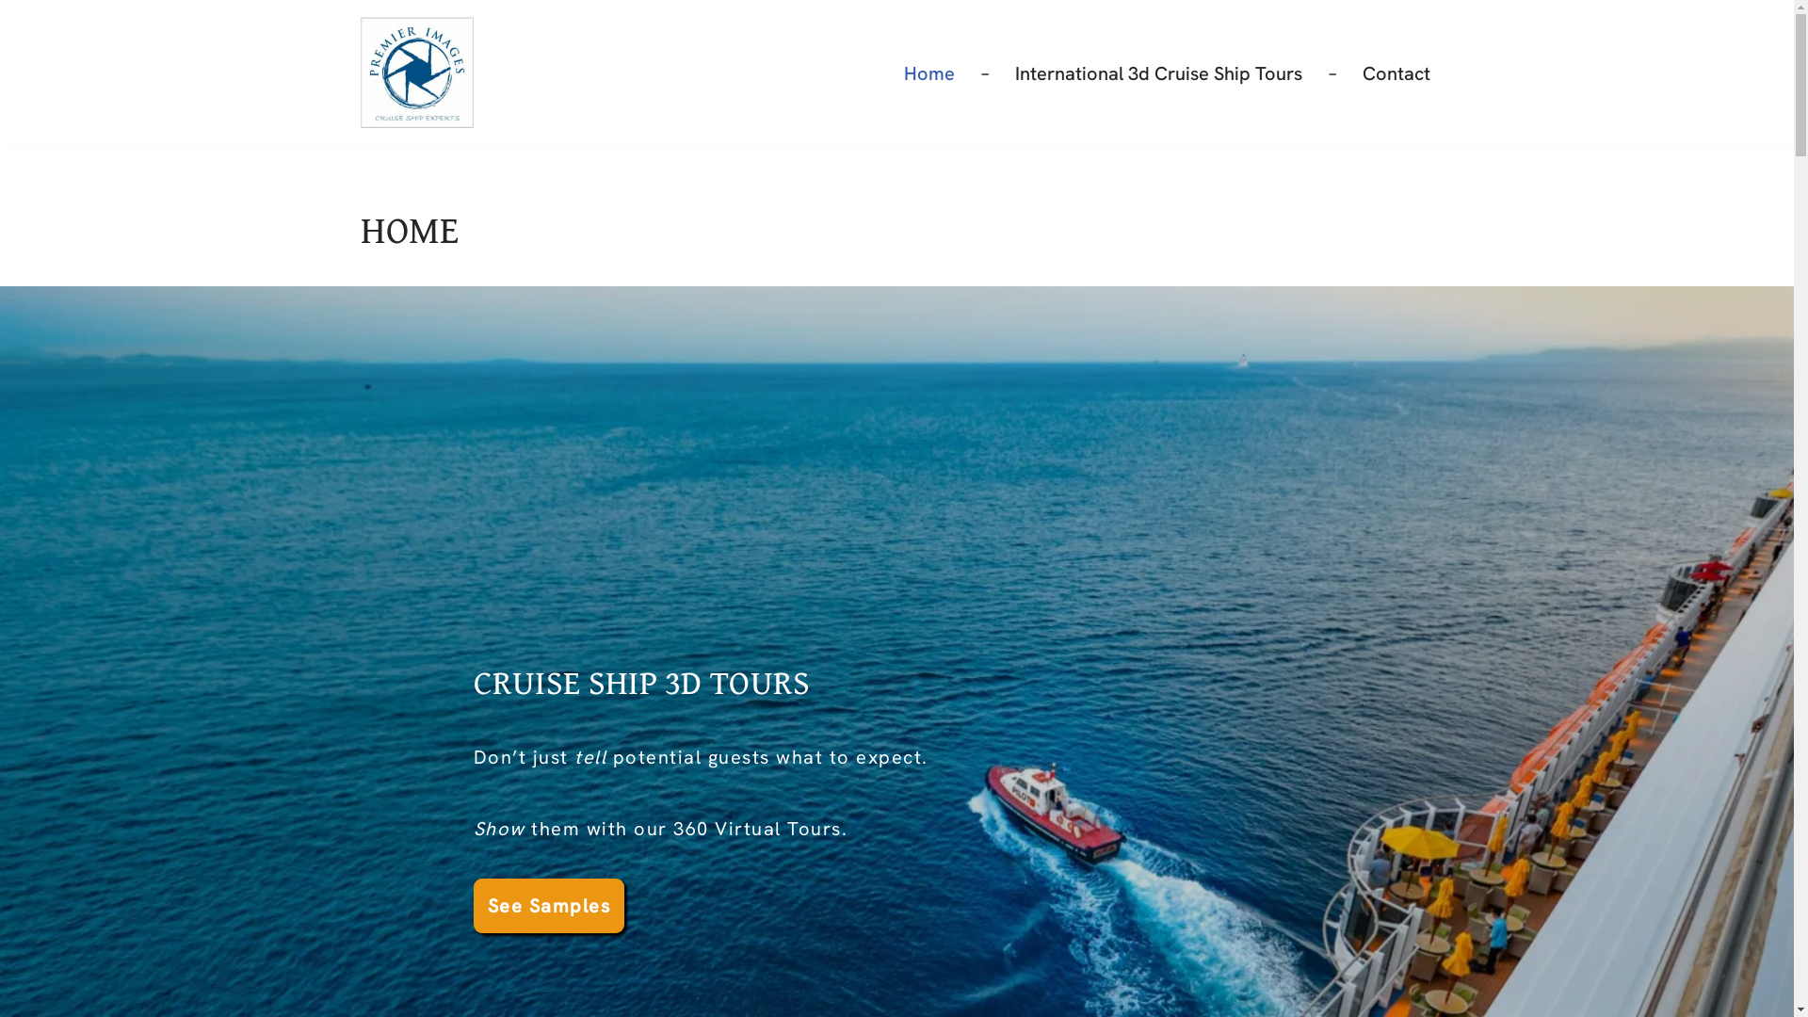  Describe the element at coordinates (13, 40) in the screenshot. I see `'Skip to content'` at that location.